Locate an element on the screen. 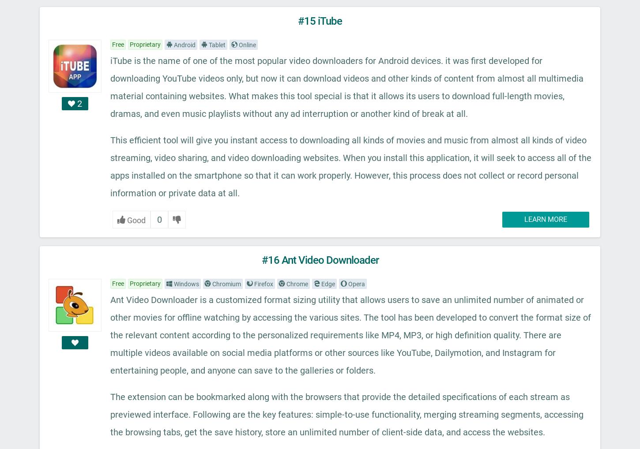  'Windows' is located at coordinates (185, 283).